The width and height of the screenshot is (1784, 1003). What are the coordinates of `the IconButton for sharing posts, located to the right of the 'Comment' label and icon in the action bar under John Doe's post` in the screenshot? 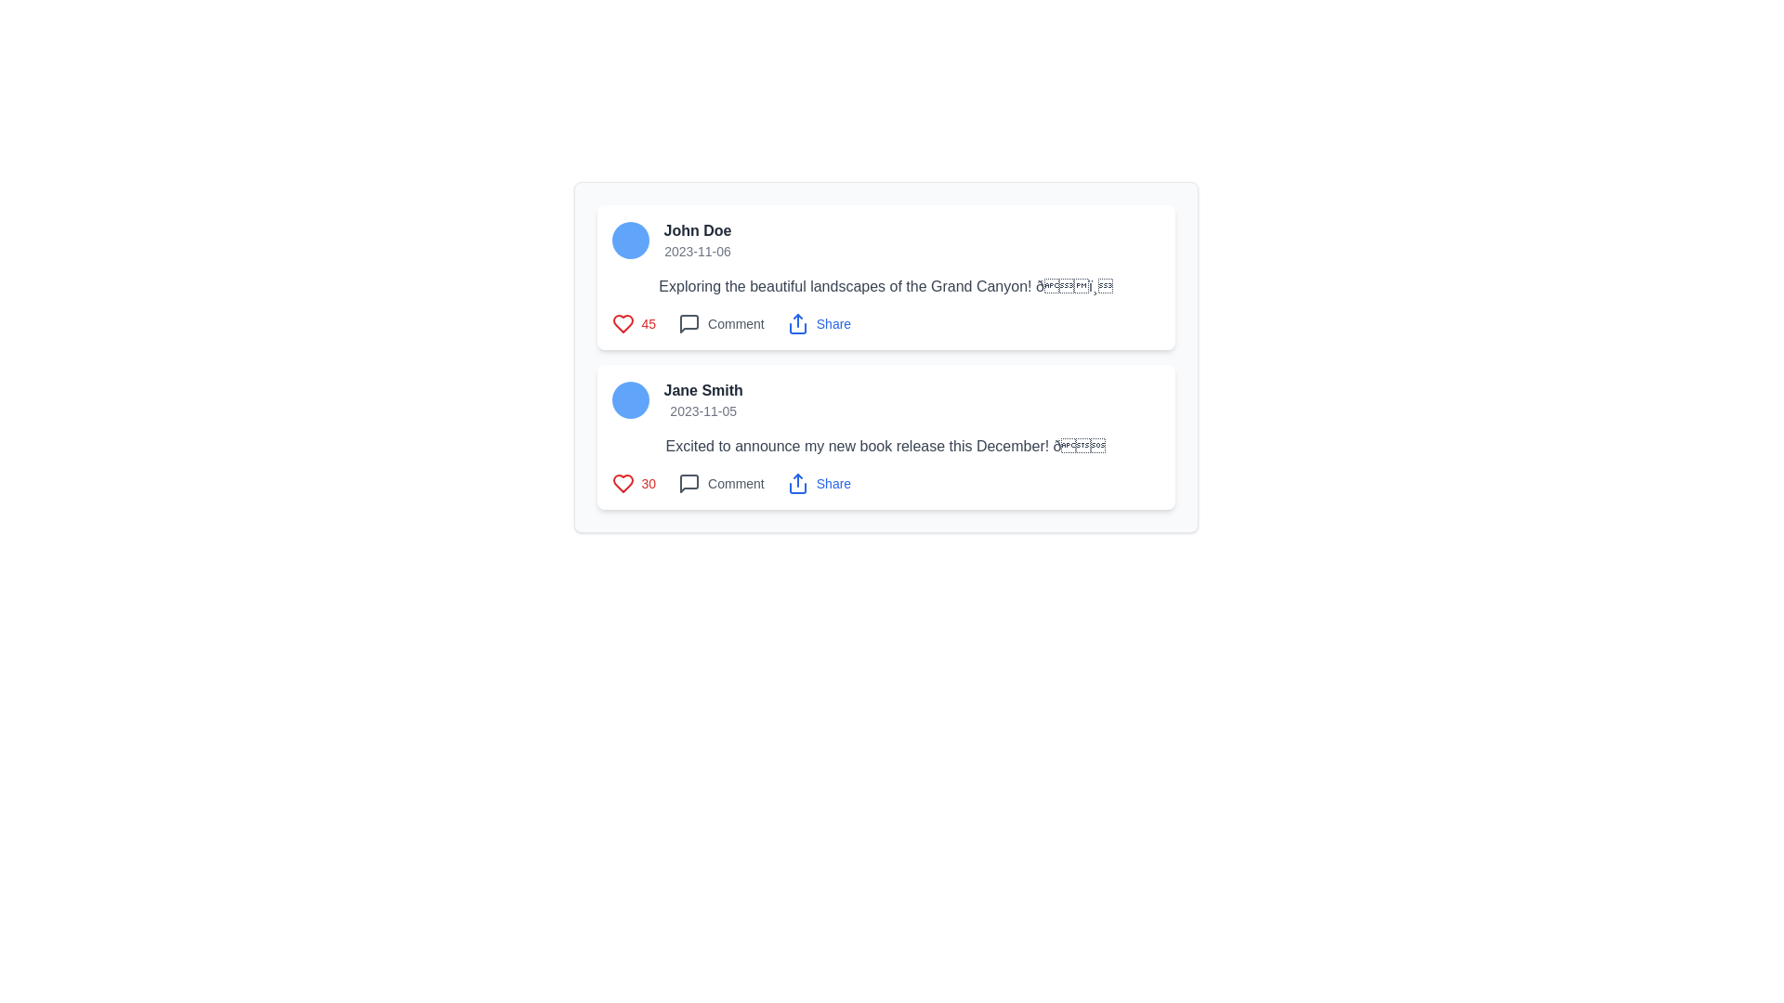 It's located at (797, 322).